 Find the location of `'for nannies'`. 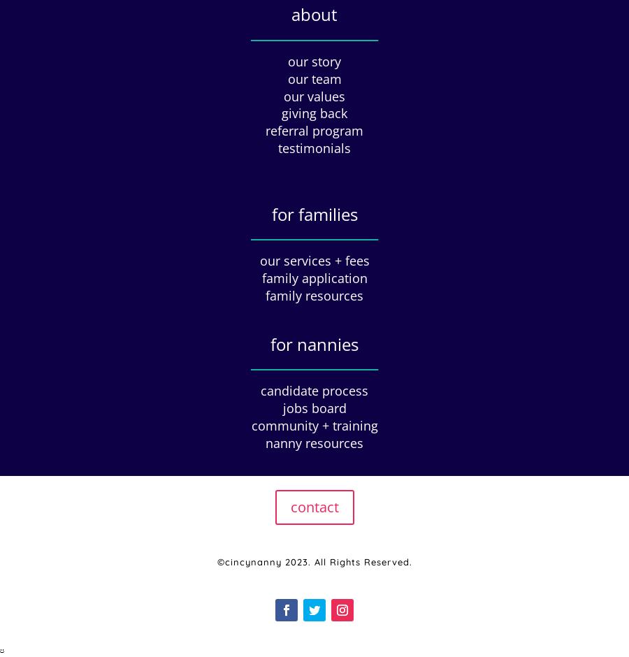

'for nannies' is located at coordinates (314, 343).